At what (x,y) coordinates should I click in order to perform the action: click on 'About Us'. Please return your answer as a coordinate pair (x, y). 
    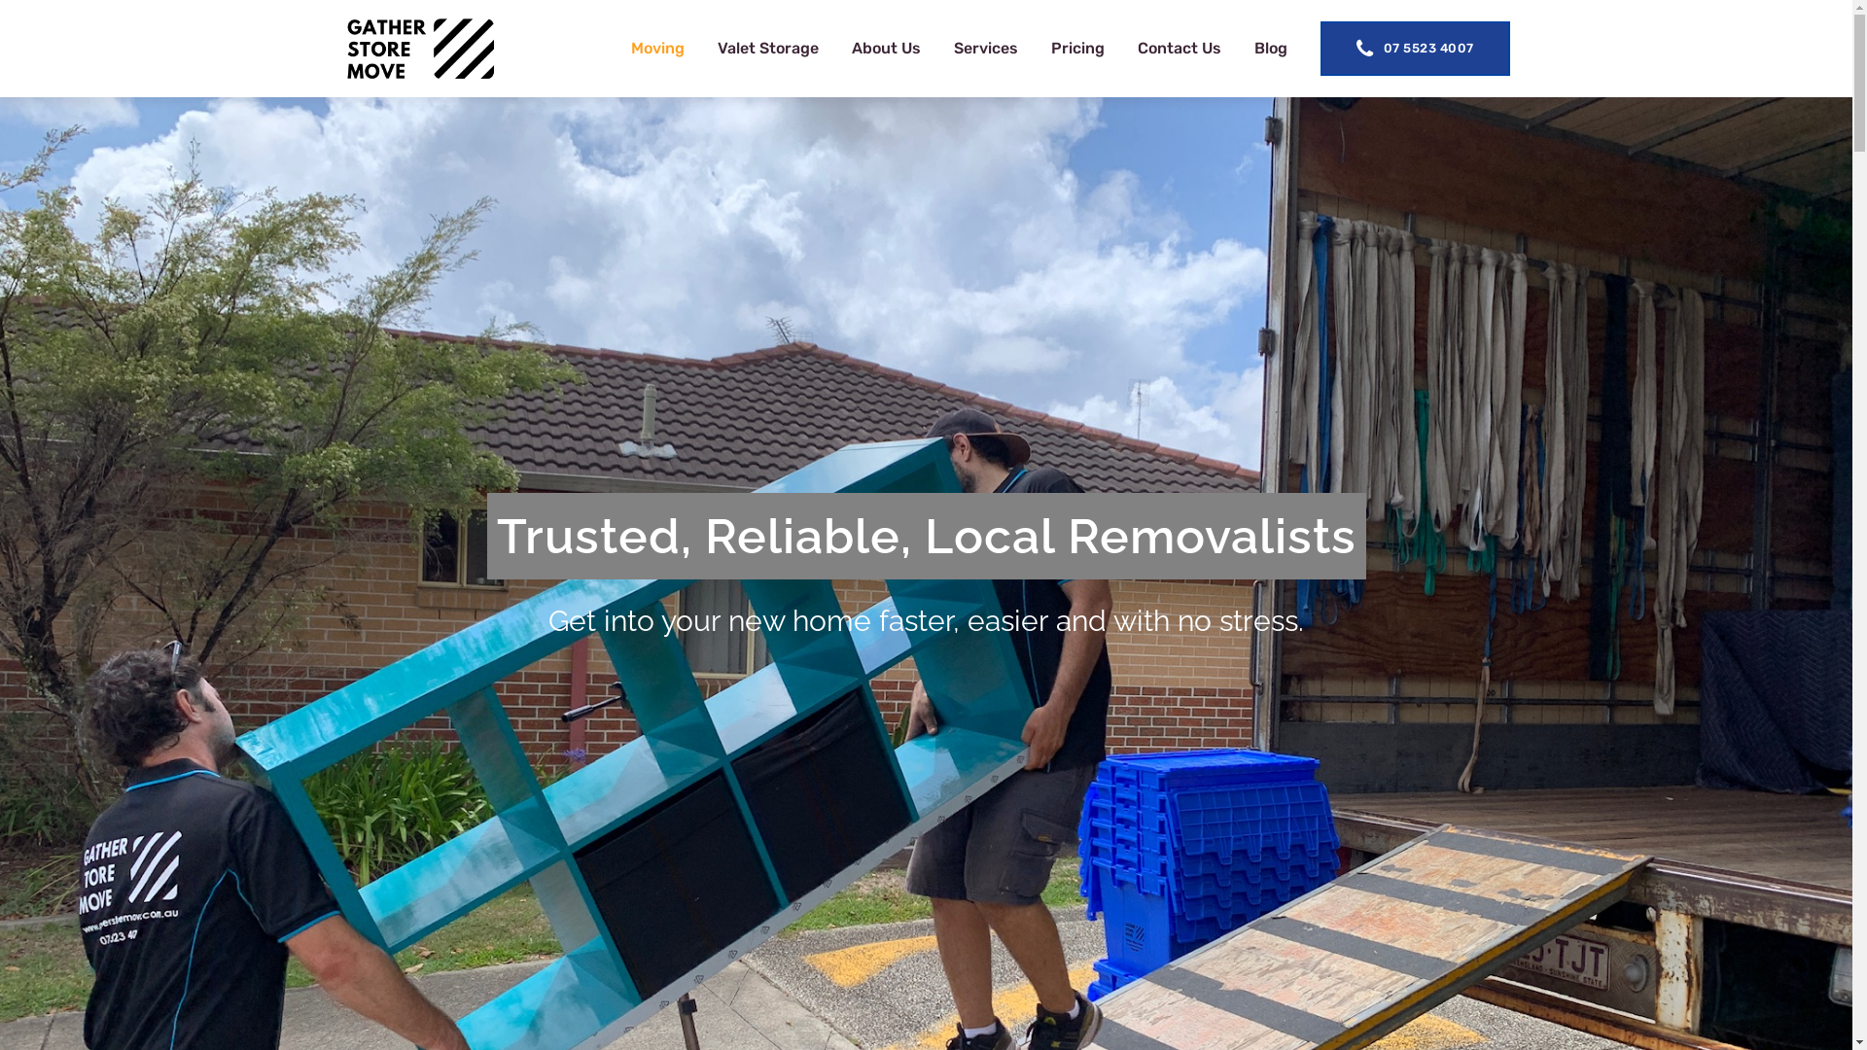
    Looking at the image, I should click on (885, 48).